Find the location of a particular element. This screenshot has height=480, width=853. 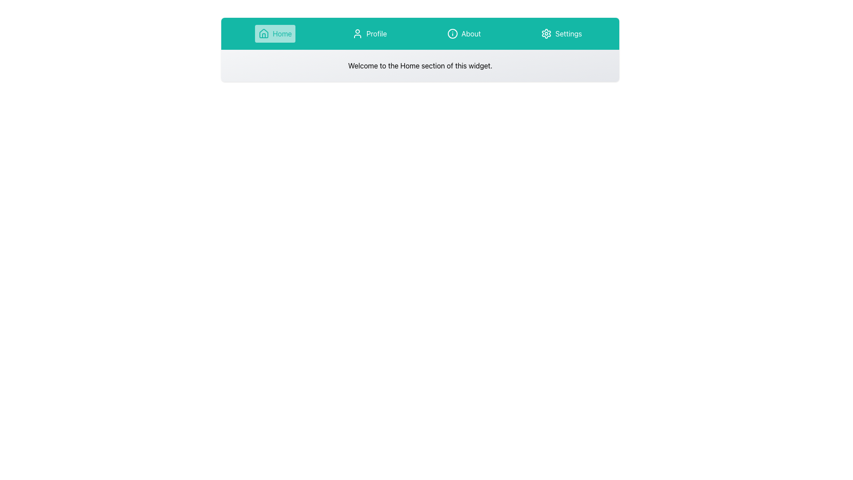

the circular information icon with a lowercase 'i' is located at coordinates (452, 33).